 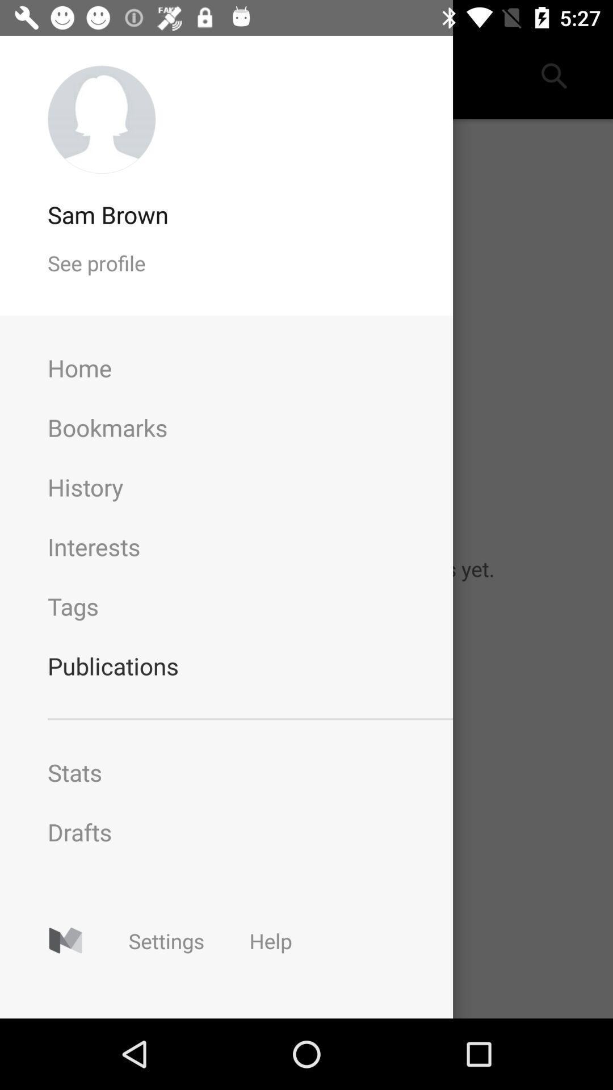 What do you see at coordinates (271, 941) in the screenshot?
I see `the button which is next to the settings` at bounding box center [271, 941].